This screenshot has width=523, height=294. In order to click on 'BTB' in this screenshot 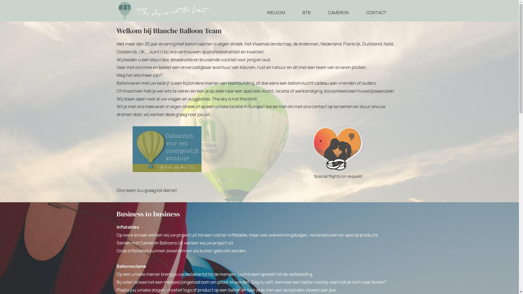, I will do `click(306, 12)`.